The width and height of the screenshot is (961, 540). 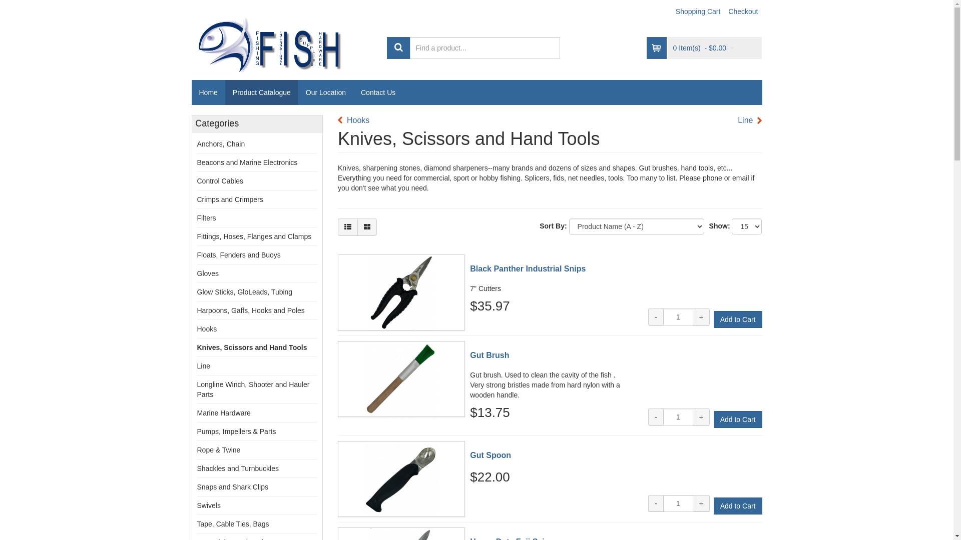 I want to click on 'Snaps and Shark Clips', so click(x=232, y=486).